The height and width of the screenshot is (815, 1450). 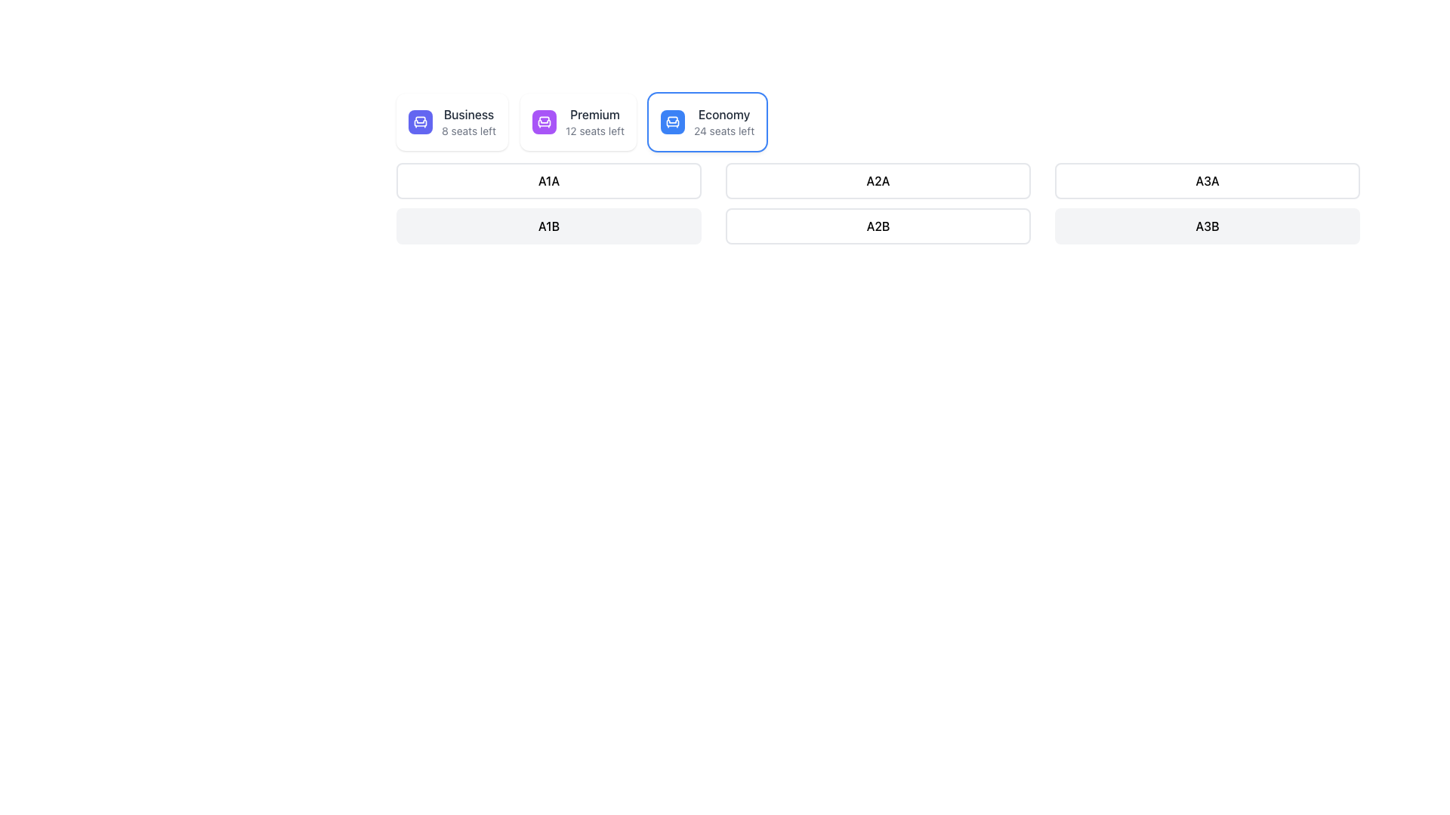 I want to click on the 'Economy 24 seats left' button which contains a small chair-shaped icon in a blue circular background, located to the left of the text, so click(x=671, y=121).